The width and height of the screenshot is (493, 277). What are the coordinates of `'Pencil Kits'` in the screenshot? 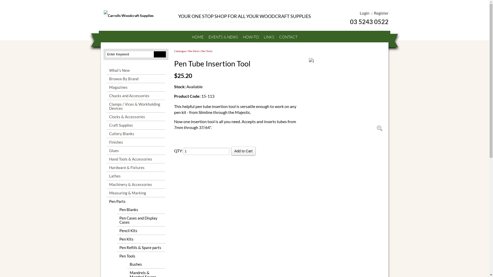 It's located at (141, 230).